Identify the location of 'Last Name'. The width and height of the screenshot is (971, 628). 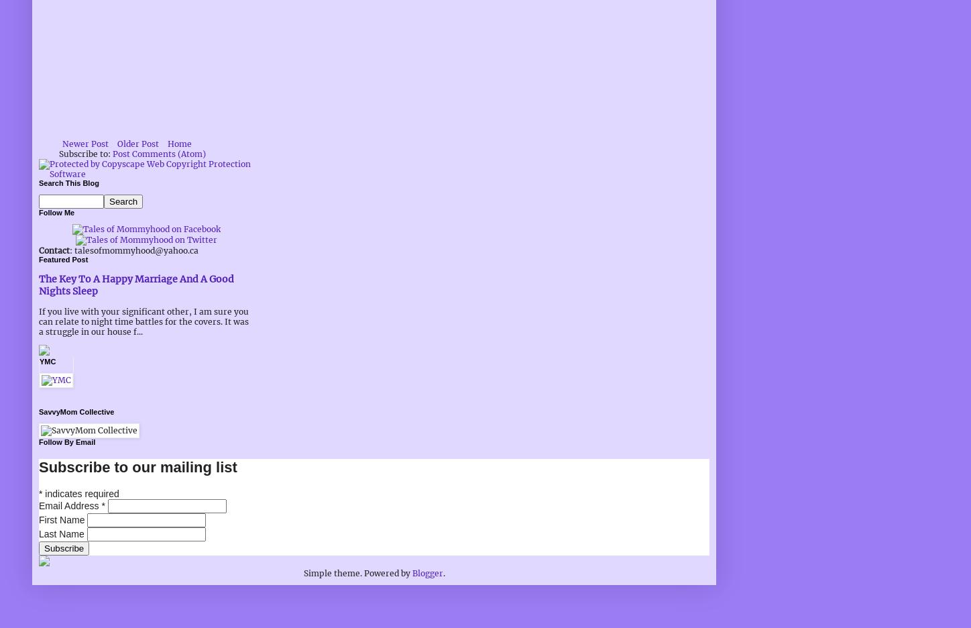
(62, 533).